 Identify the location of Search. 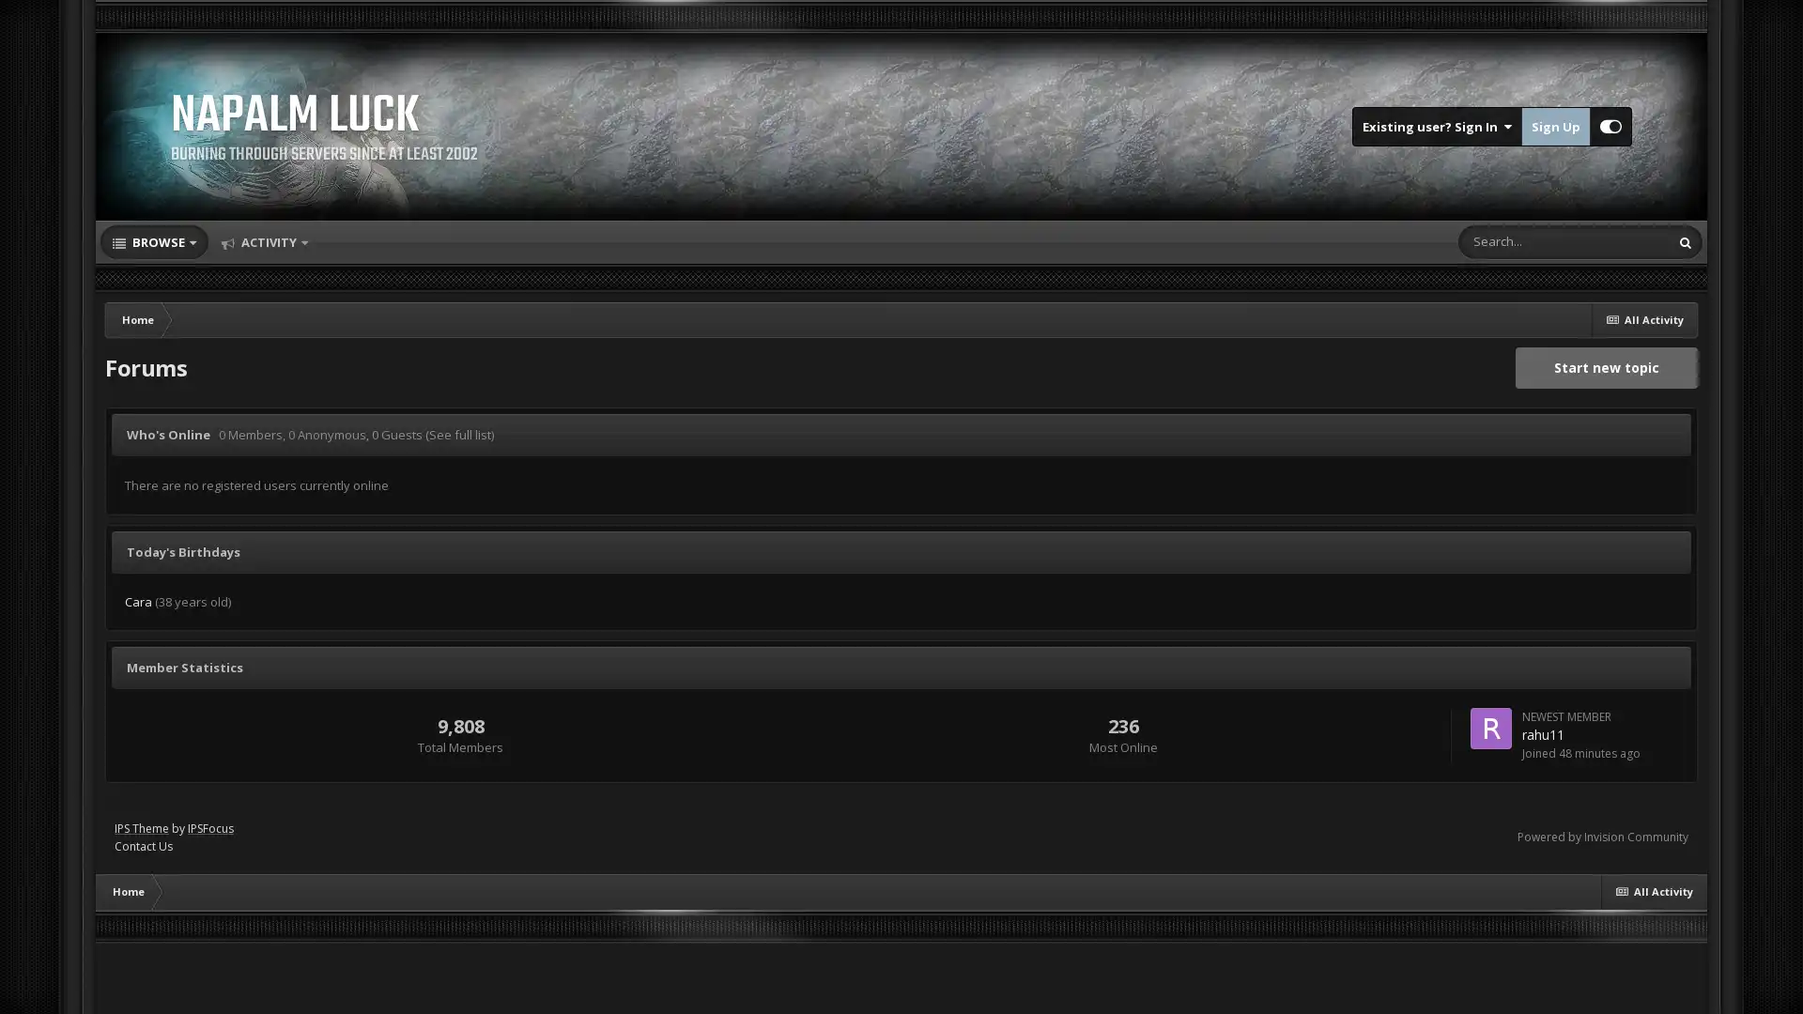
(1686, 241).